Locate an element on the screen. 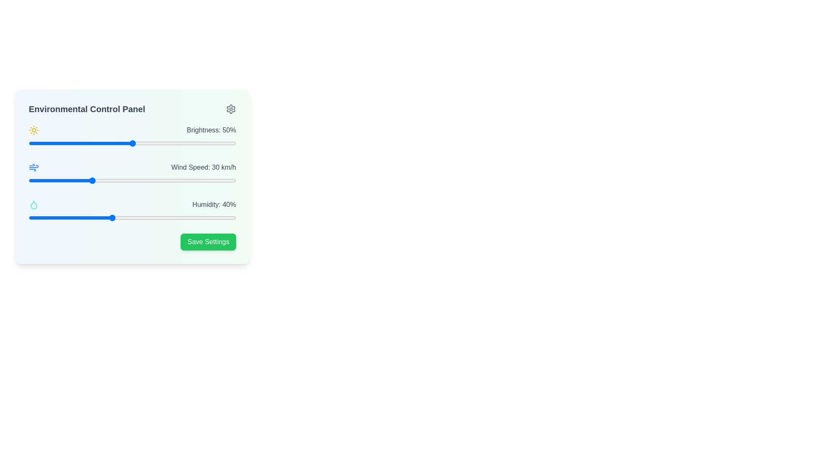 This screenshot has height=457, width=814. humidity is located at coordinates (186, 217).